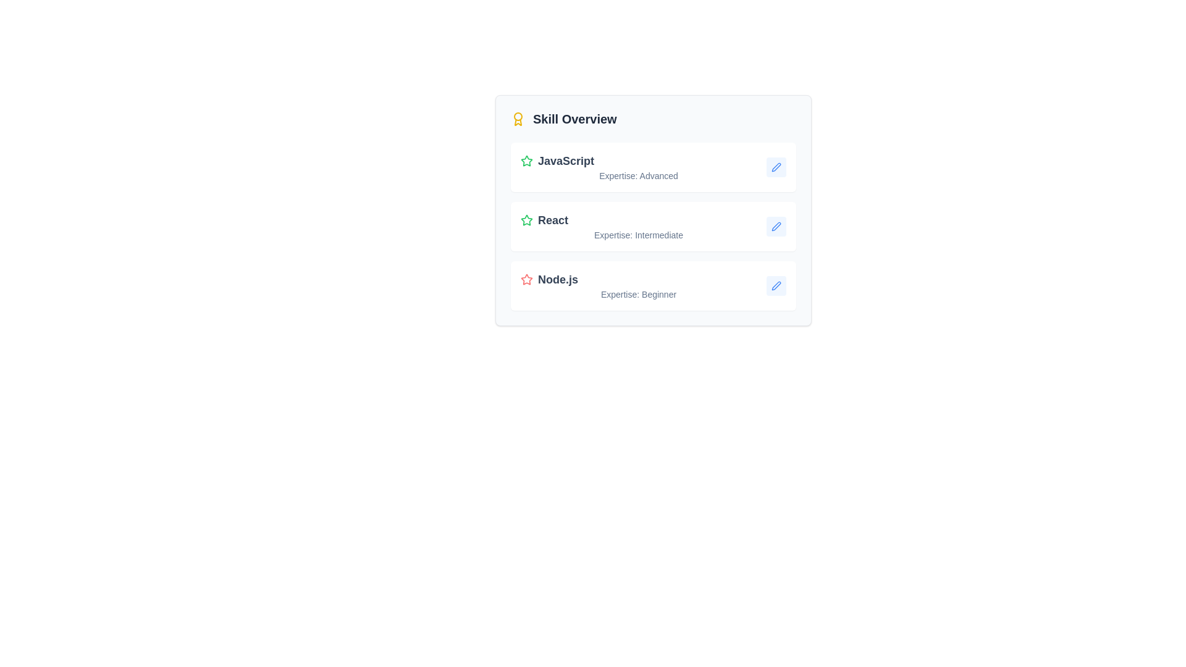 Image resolution: width=1186 pixels, height=667 pixels. What do you see at coordinates (776, 285) in the screenshot?
I see `the button with a pen icon, which has a light blue background and blue borders, located beside the 'Node.js' skill entry` at bounding box center [776, 285].